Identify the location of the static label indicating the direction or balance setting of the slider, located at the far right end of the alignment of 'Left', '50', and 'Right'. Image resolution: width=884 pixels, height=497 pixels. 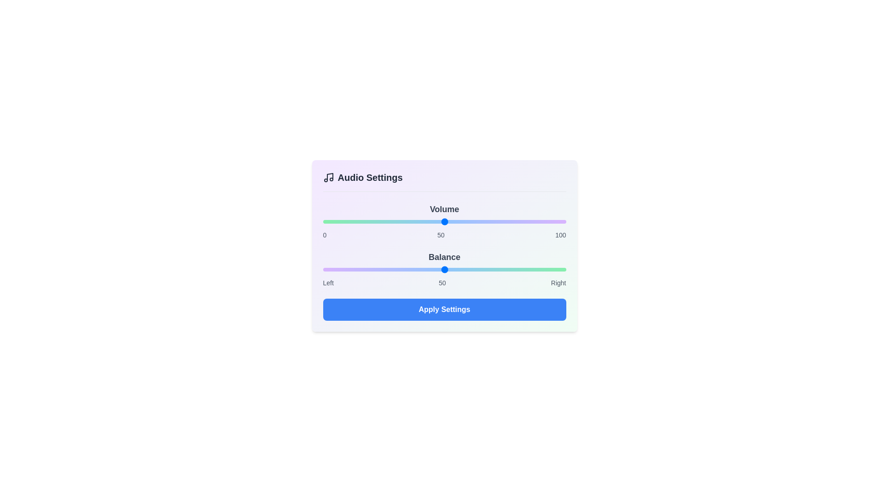
(558, 282).